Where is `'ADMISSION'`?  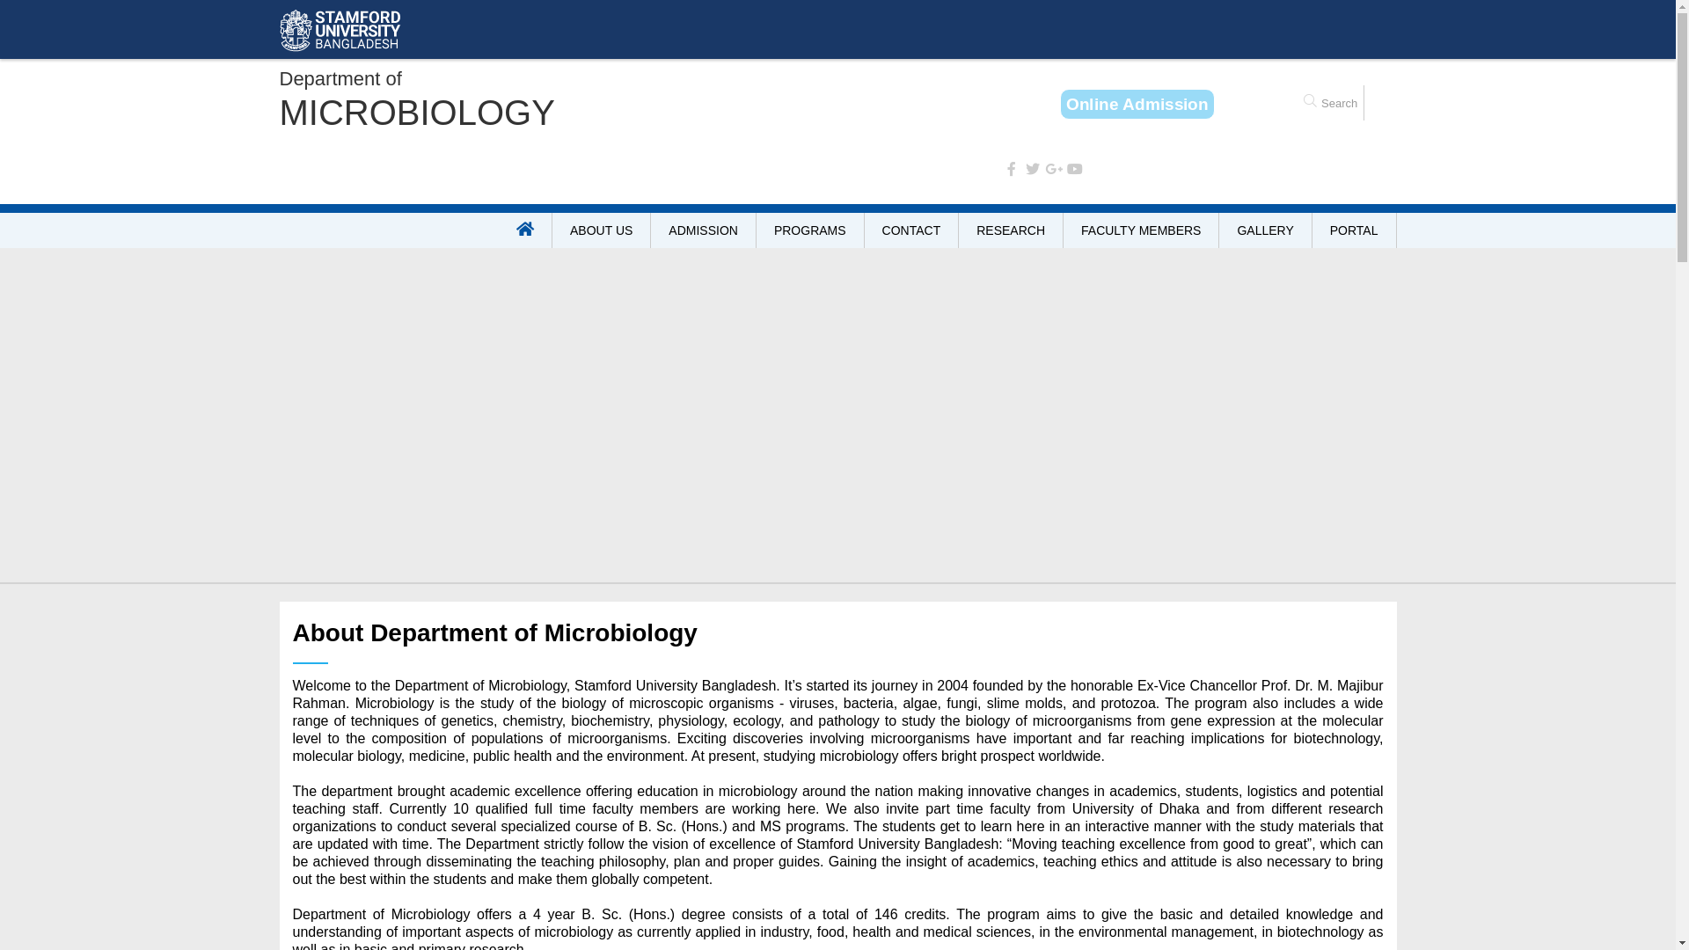
'ADMISSION' is located at coordinates (704, 230).